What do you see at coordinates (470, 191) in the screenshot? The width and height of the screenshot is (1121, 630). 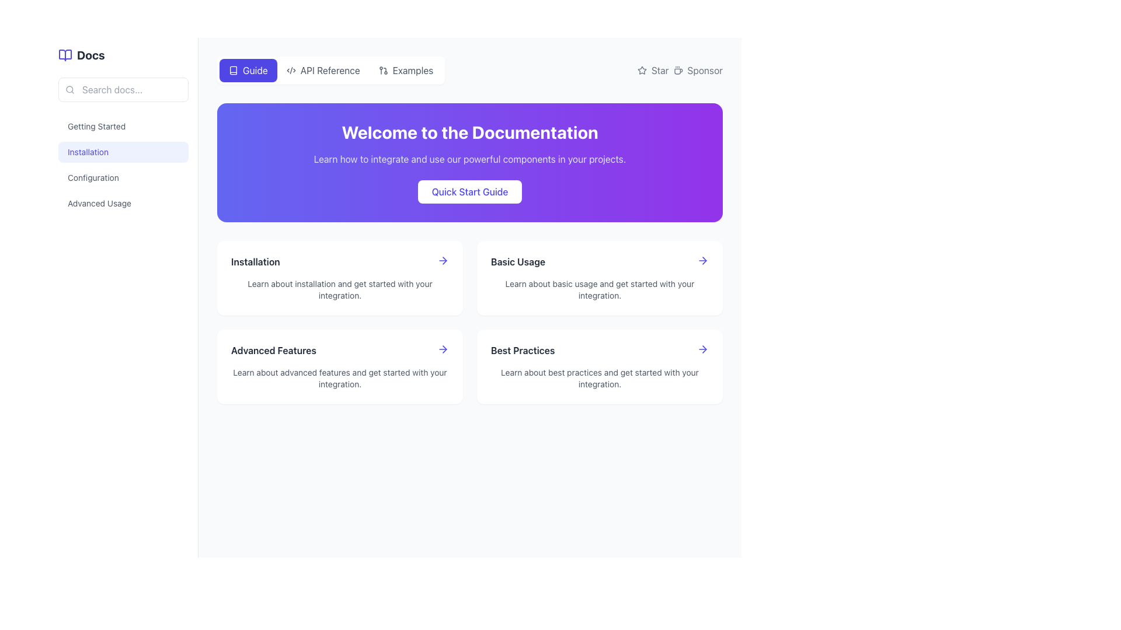 I see `the interactive button located below the subtitle 'Learn how to integrate and use our powerful components in your projects.'` at bounding box center [470, 191].